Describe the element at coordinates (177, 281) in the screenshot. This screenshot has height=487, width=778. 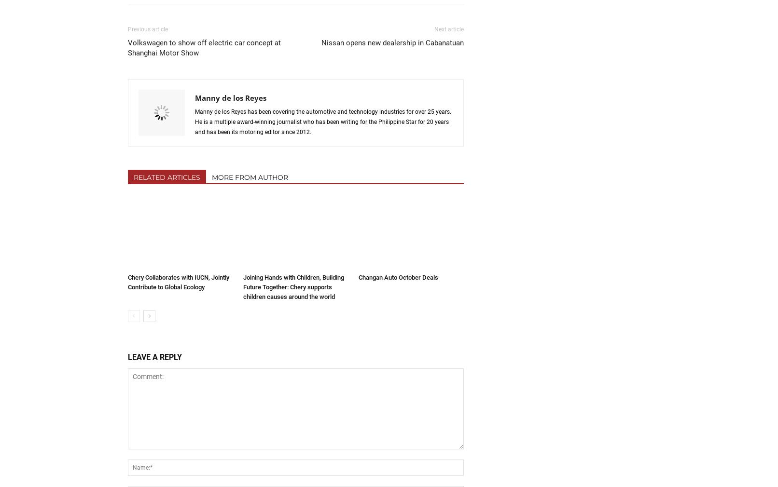
I see `'Chery Collaborates with IUCN, Jointly Contribute to Global Ecology'` at that location.